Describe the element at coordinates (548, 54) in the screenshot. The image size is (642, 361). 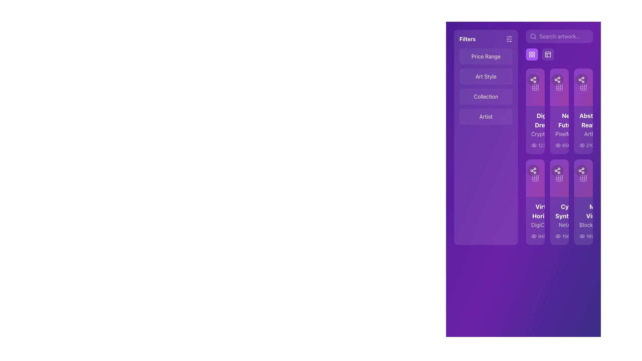
I see `the square button with a white grid icon on a purple background, located at the top right of the interface, adjacent to the search bar` at that location.